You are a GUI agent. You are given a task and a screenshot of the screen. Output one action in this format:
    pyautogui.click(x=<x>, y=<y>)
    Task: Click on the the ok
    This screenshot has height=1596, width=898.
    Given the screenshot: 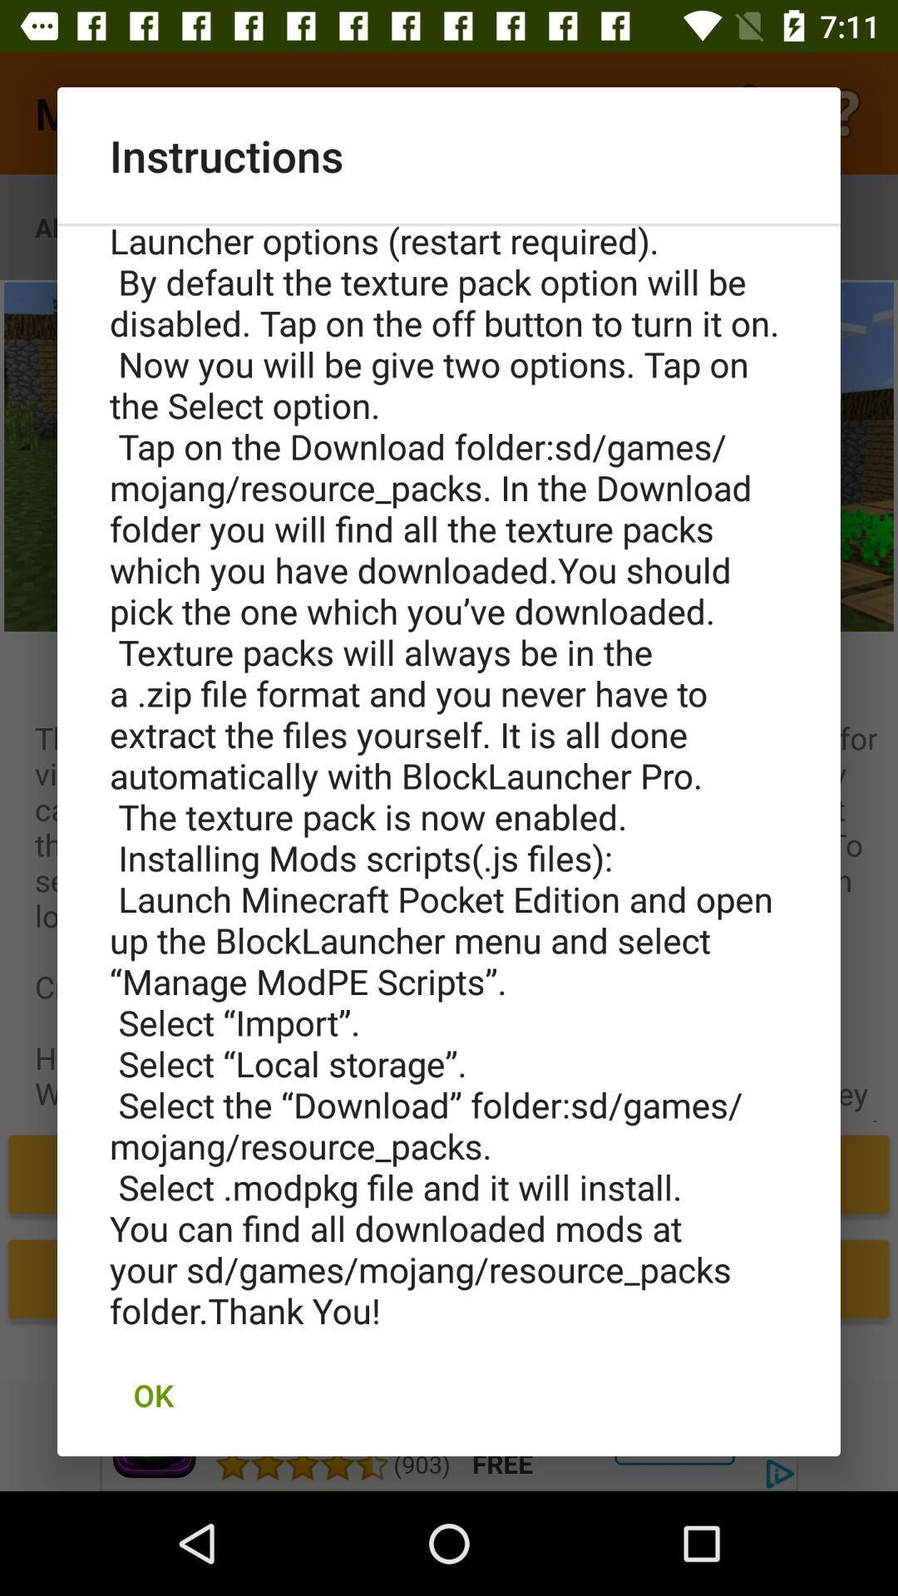 What is the action you would take?
    pyautogui.click(x=153, y=1395)
    